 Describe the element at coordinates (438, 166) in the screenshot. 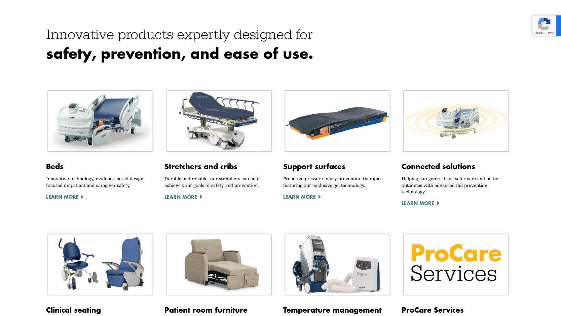

I see `'Connected solutions'` at that location.